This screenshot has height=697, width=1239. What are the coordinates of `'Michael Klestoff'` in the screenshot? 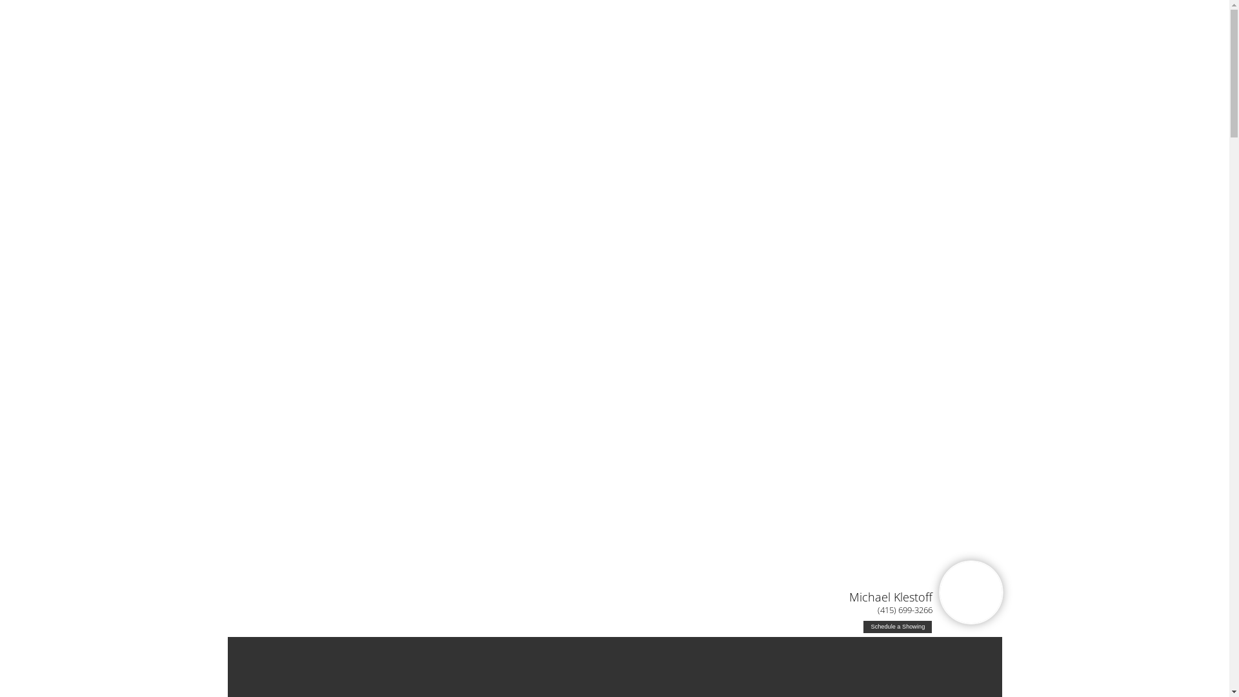 It's located at (890, 596).